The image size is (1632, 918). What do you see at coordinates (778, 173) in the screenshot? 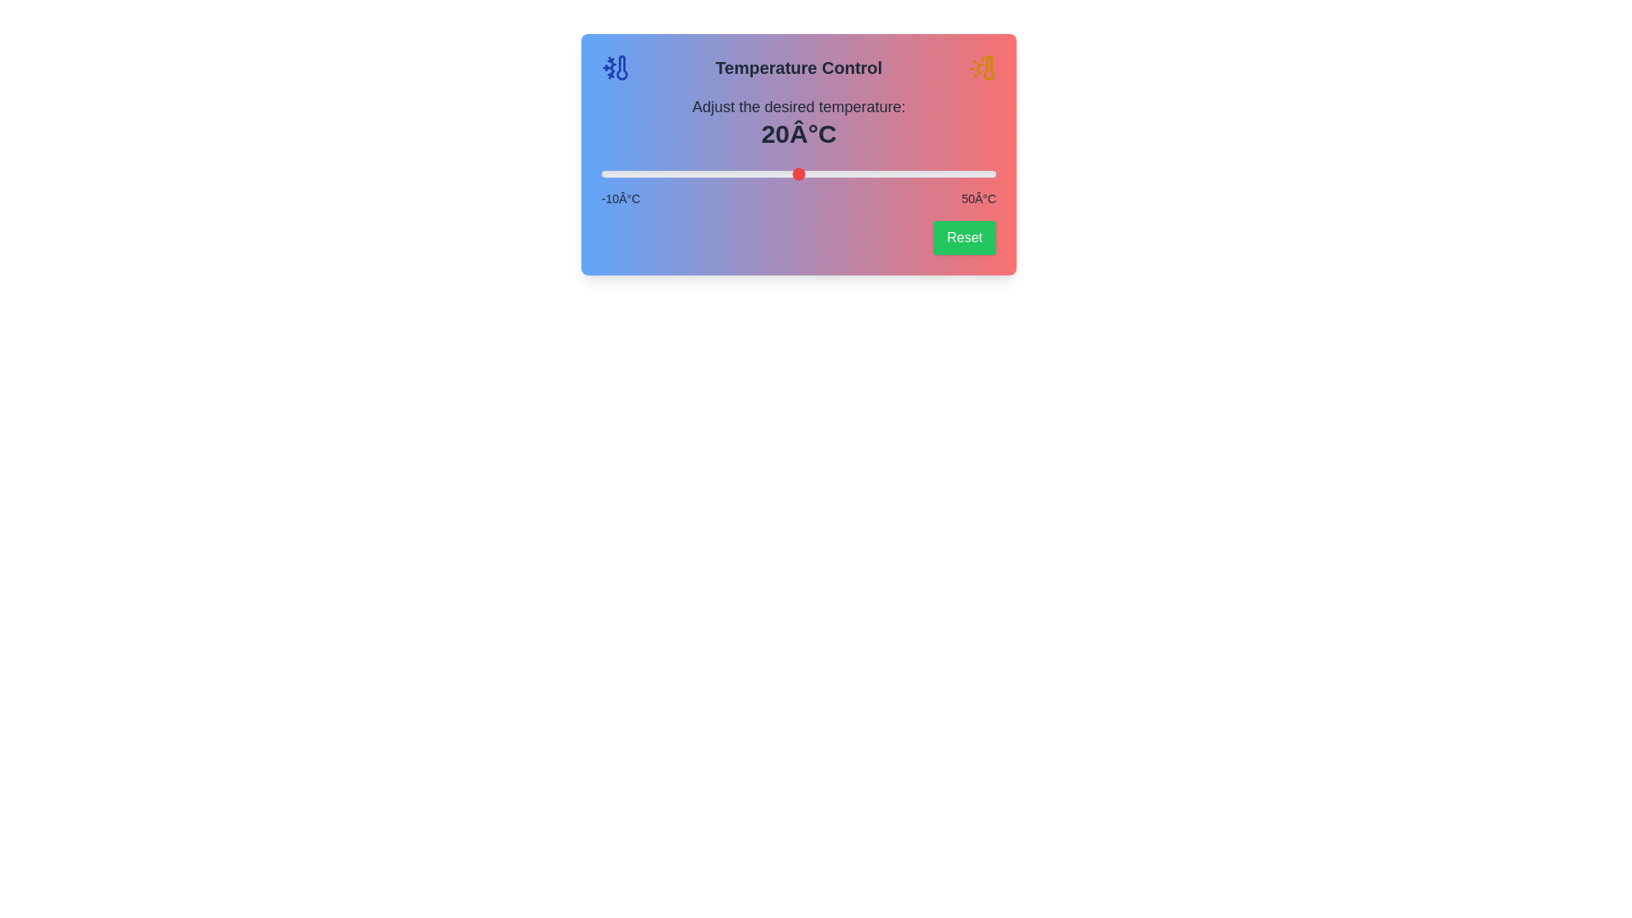
I see `the slider to set the temperature to 17°C` at bounding box center [778, 173].